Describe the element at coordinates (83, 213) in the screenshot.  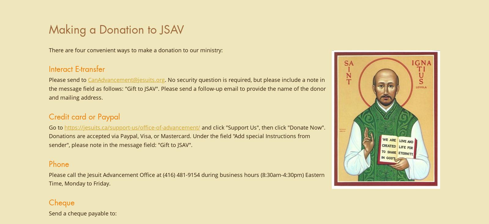
I see `'Send a cheque payable to:'` at that location.